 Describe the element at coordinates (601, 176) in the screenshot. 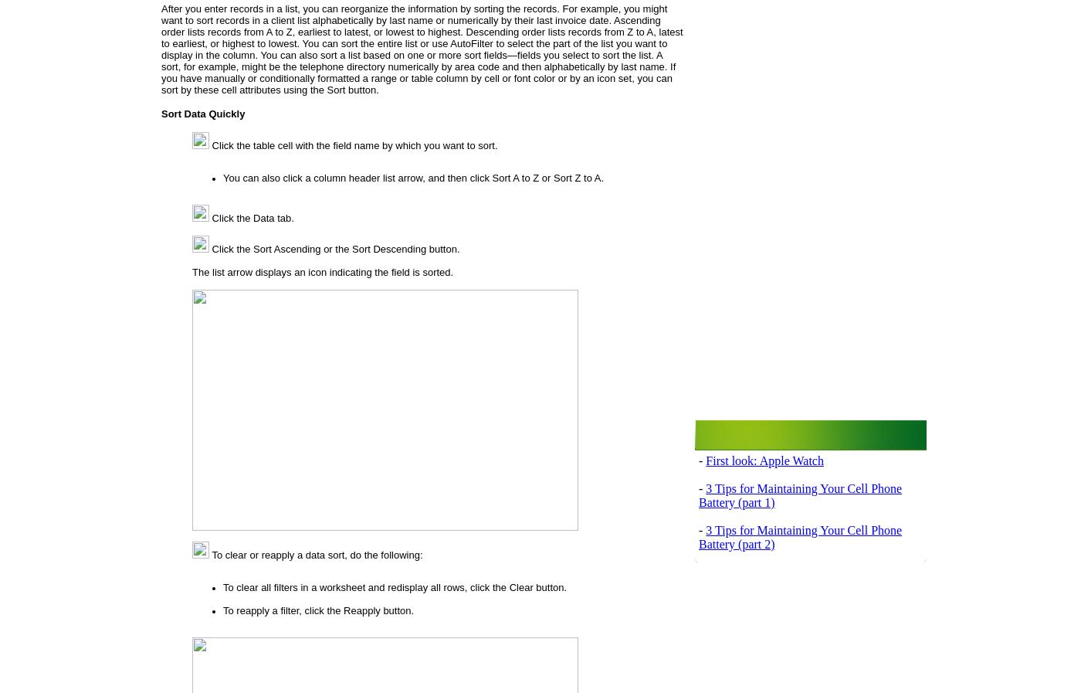

I see `'.'` at that location.